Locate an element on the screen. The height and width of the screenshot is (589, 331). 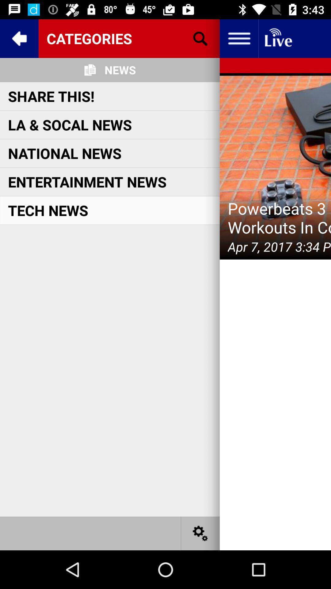
icon next to the tech news icon is located at coordinates (279, 218).